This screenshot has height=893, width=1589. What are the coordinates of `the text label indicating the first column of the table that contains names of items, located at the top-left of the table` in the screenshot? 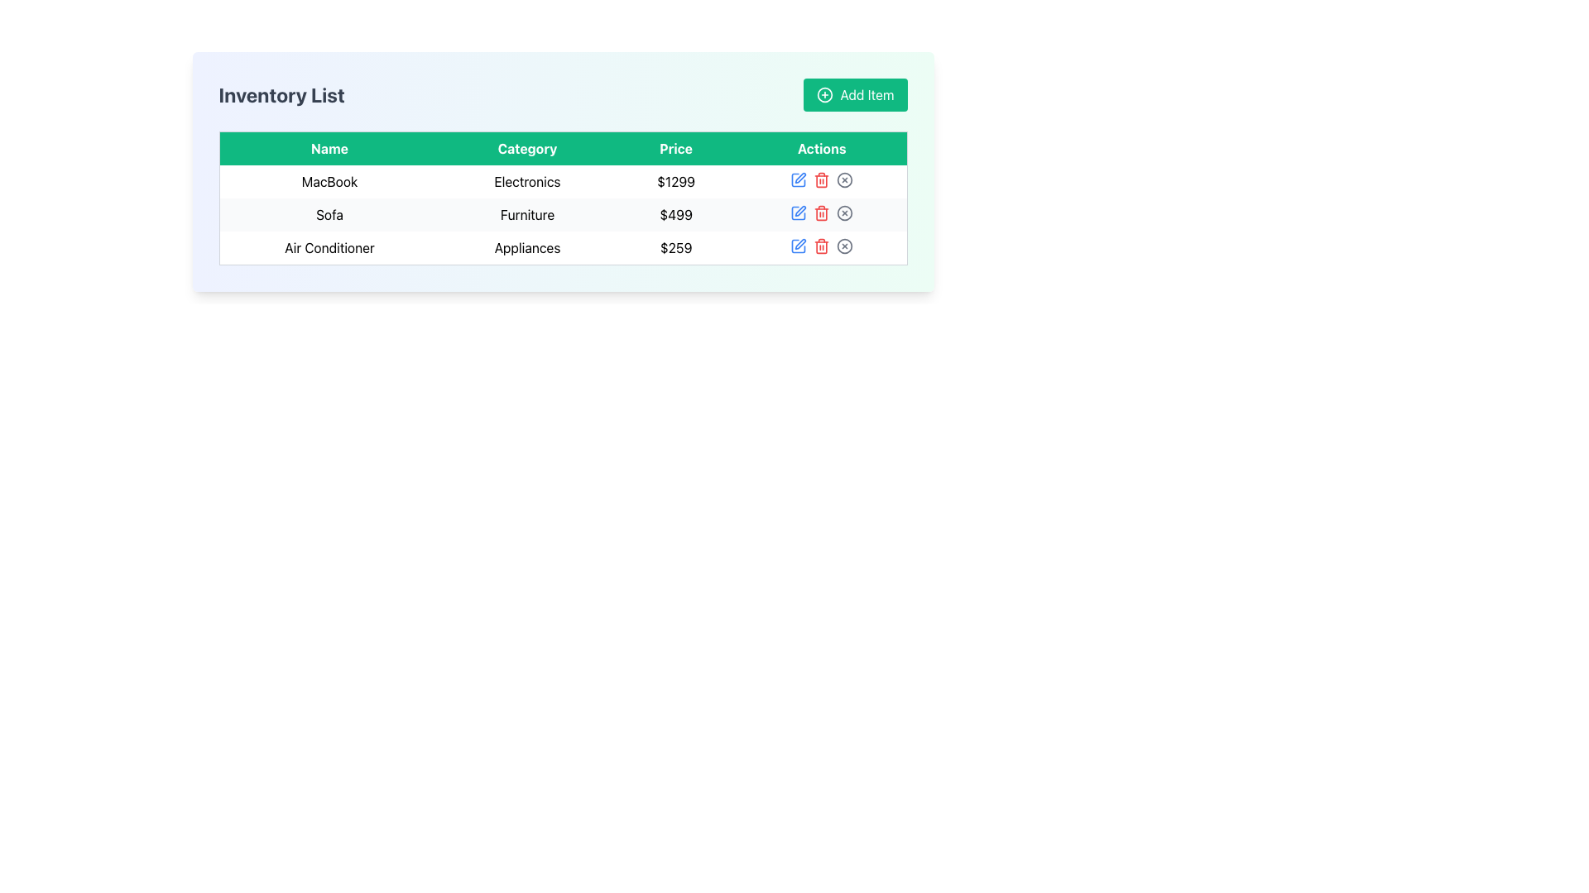 It's located at (329, 147).